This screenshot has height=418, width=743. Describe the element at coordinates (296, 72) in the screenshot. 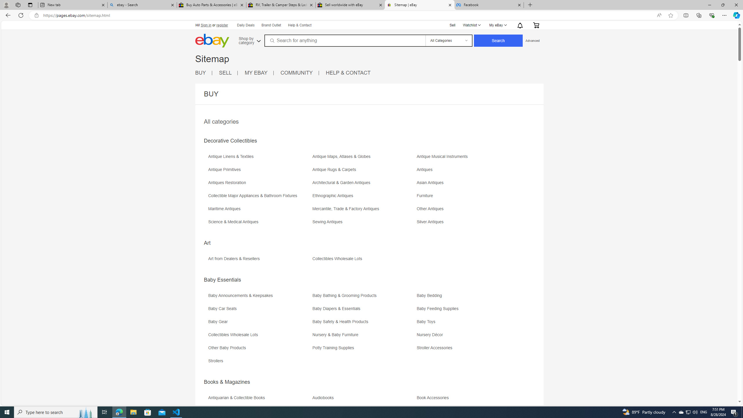

I see `'COMMUNITY'` at that location.